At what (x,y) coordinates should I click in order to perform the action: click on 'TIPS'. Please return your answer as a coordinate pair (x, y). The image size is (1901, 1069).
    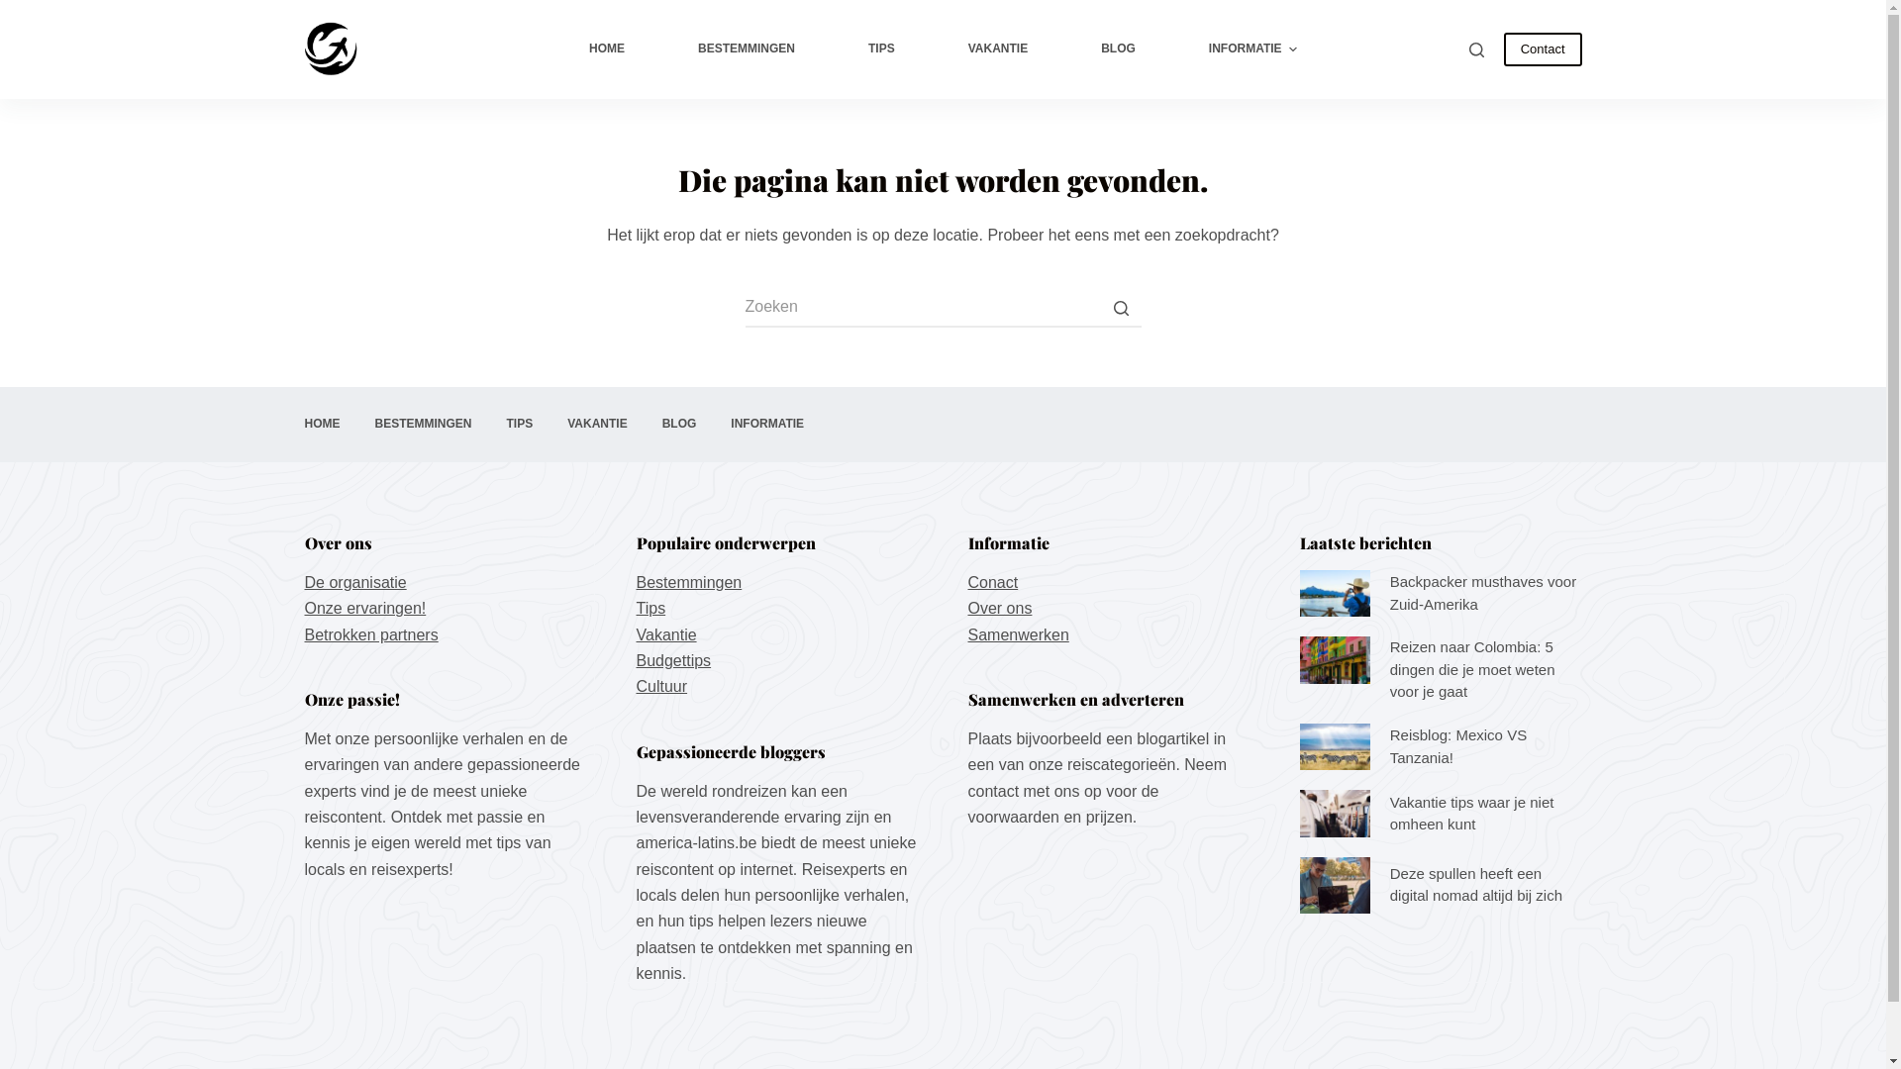
    Looking at the image, I should click on (519, 423).